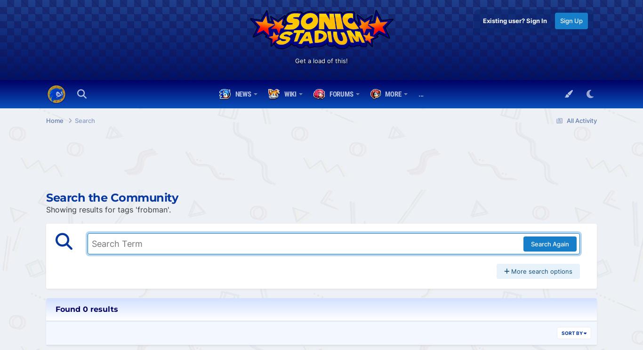 Image resolution: width=643 pixels, height=350 pixels. Describe the element at coordinates (550, 243) in the screenshot. I see `'Search Again'` at that location.